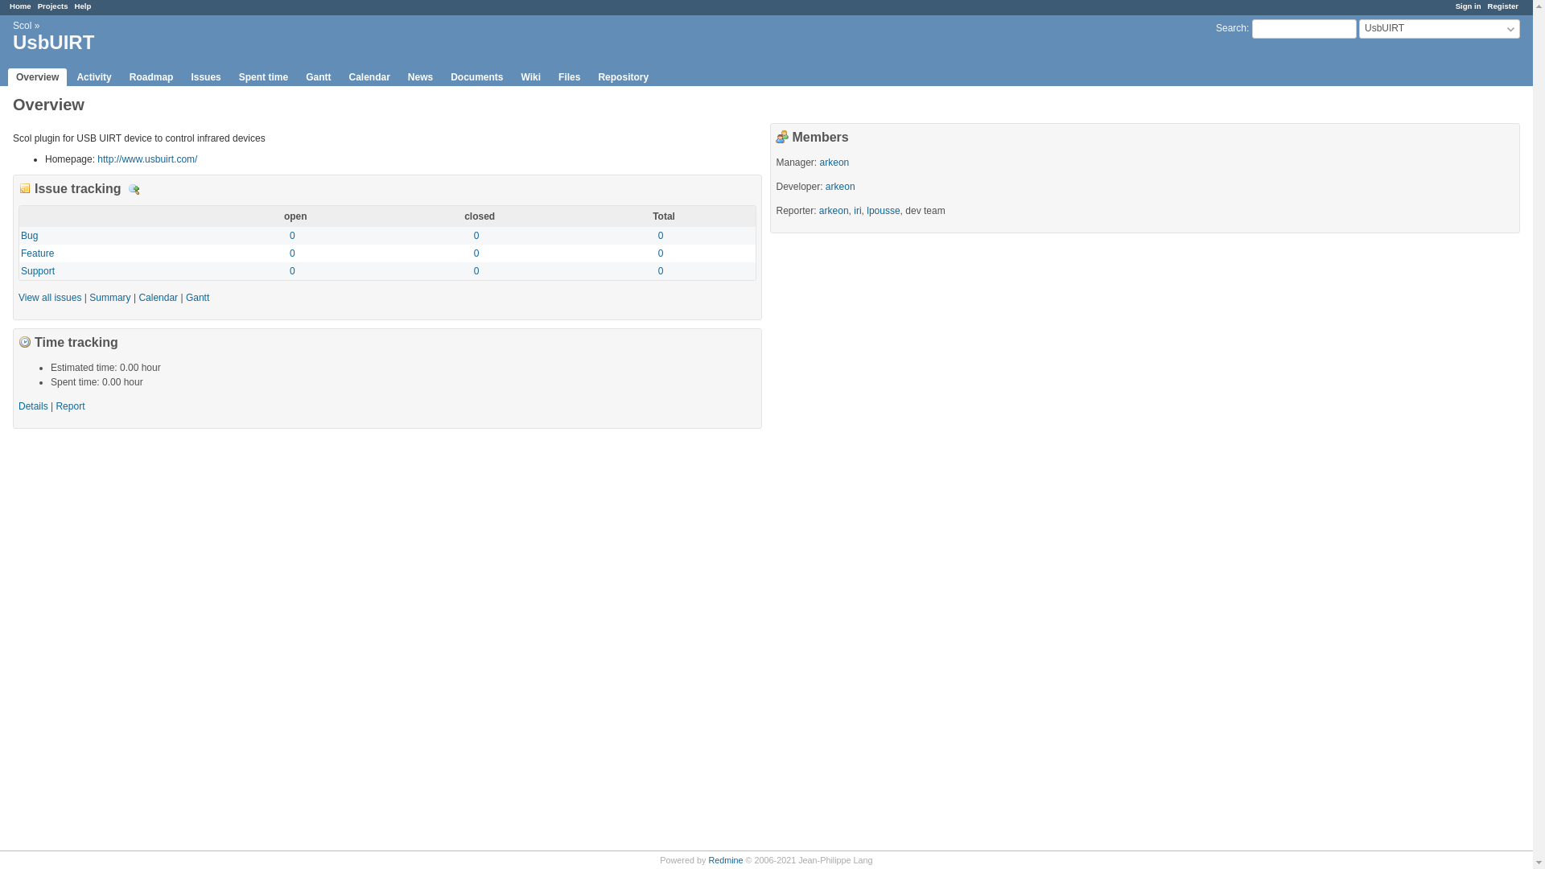 This screenshot has height=869, width=1545. Describe the element at coordinates (882, 210) in the screenshot. I see `'lpousse'` at that location.